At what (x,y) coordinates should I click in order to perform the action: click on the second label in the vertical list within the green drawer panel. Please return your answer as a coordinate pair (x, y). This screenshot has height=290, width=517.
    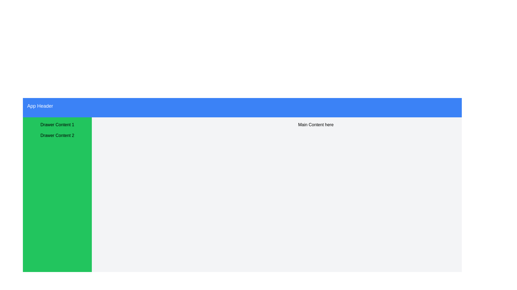
    Looking at the image, I should click on (57, 135).